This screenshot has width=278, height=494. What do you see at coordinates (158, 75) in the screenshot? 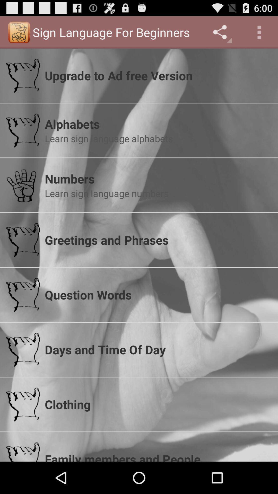
I see `the upgrade to ad app` at bounding box center [158, 75].